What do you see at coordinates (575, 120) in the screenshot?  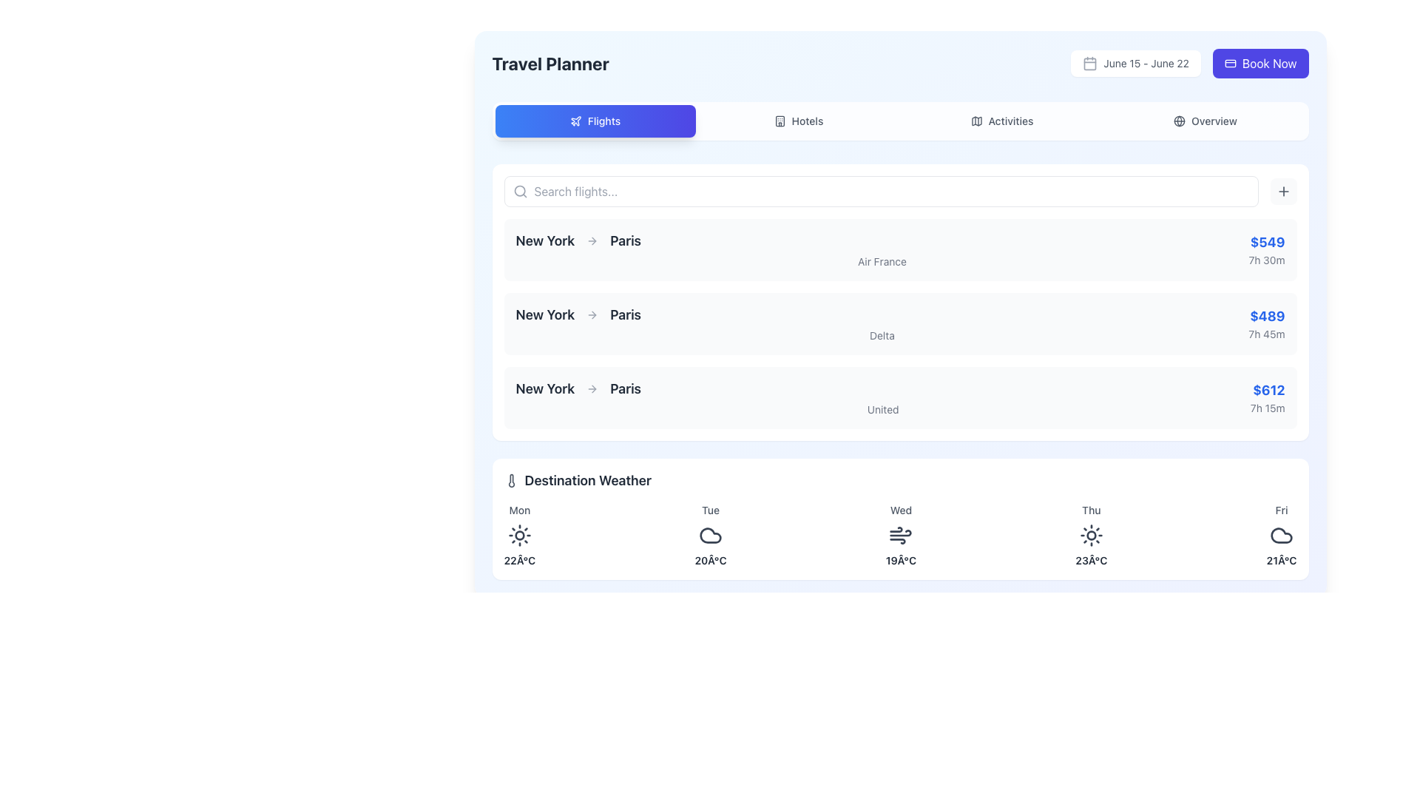 I see `the airplane icon located at the beginning of the 'Flights' tab` at bounding box center [575, 120].